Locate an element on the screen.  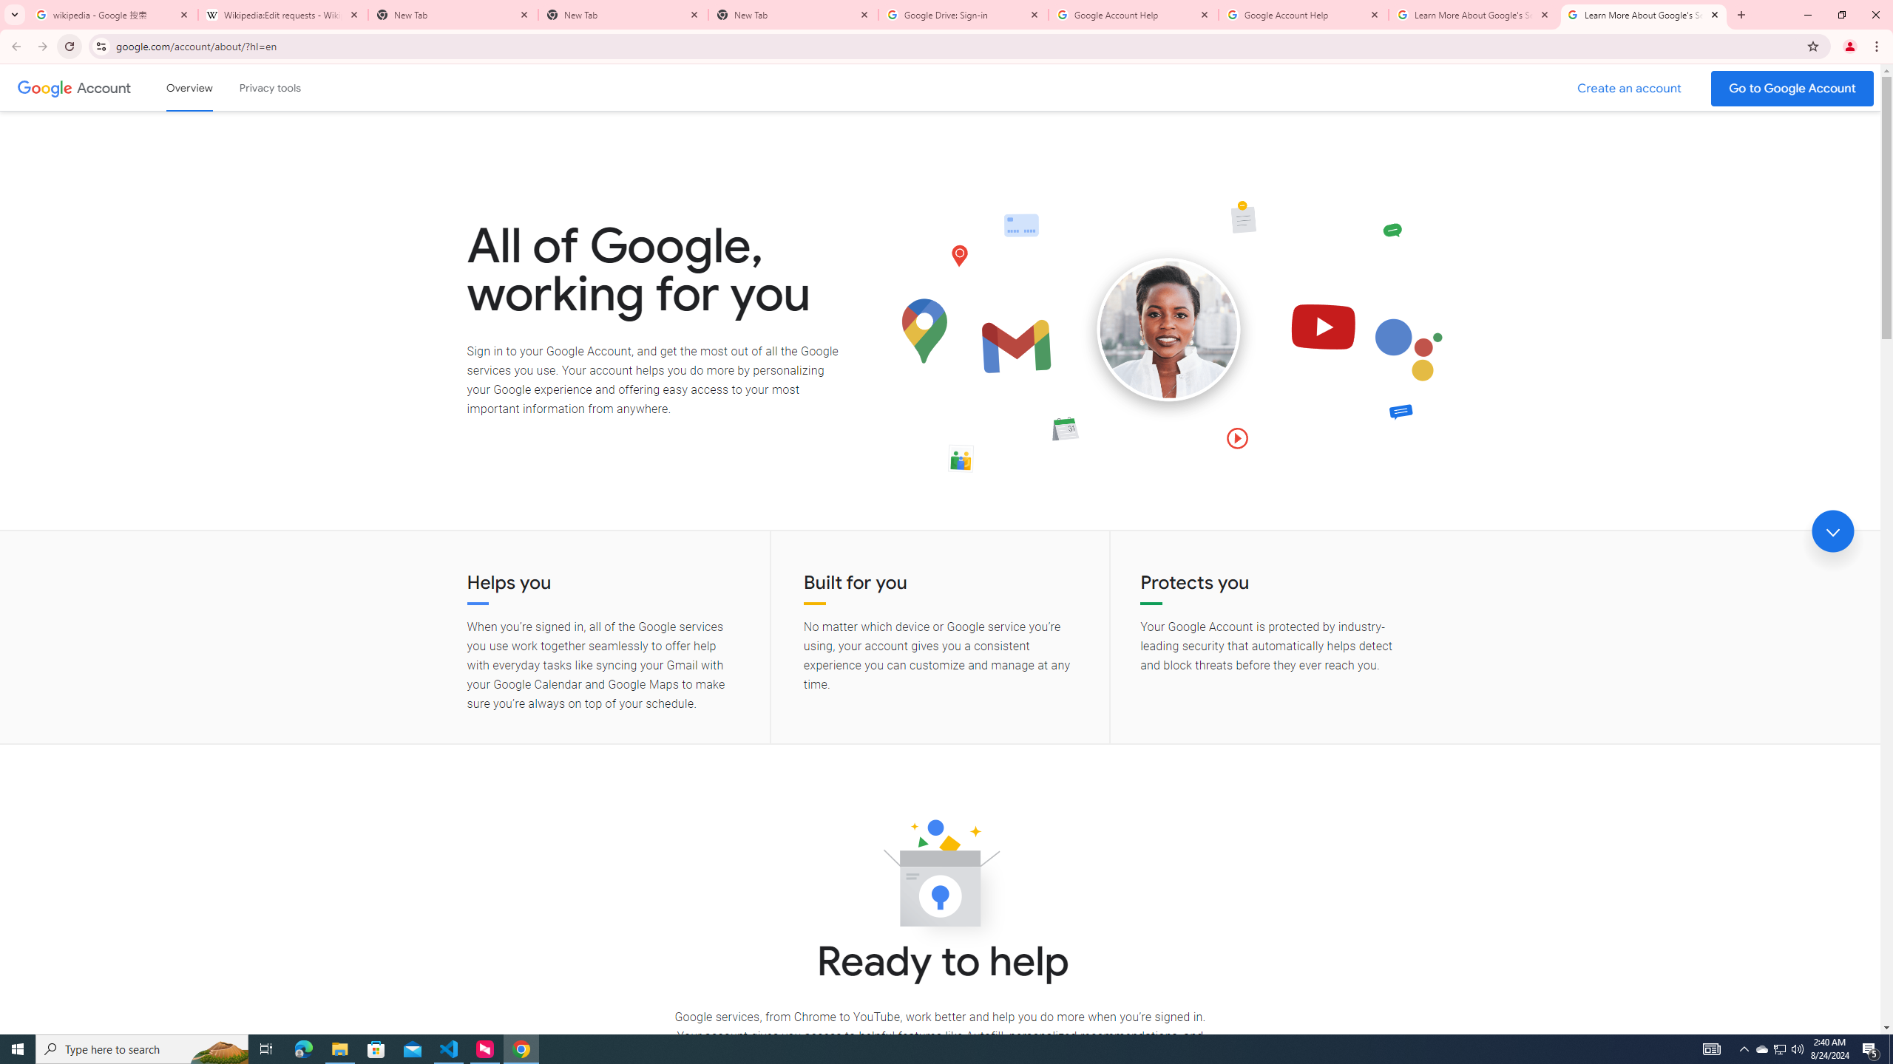
'Create a Google Account' is located at coordinates (1630, 88).